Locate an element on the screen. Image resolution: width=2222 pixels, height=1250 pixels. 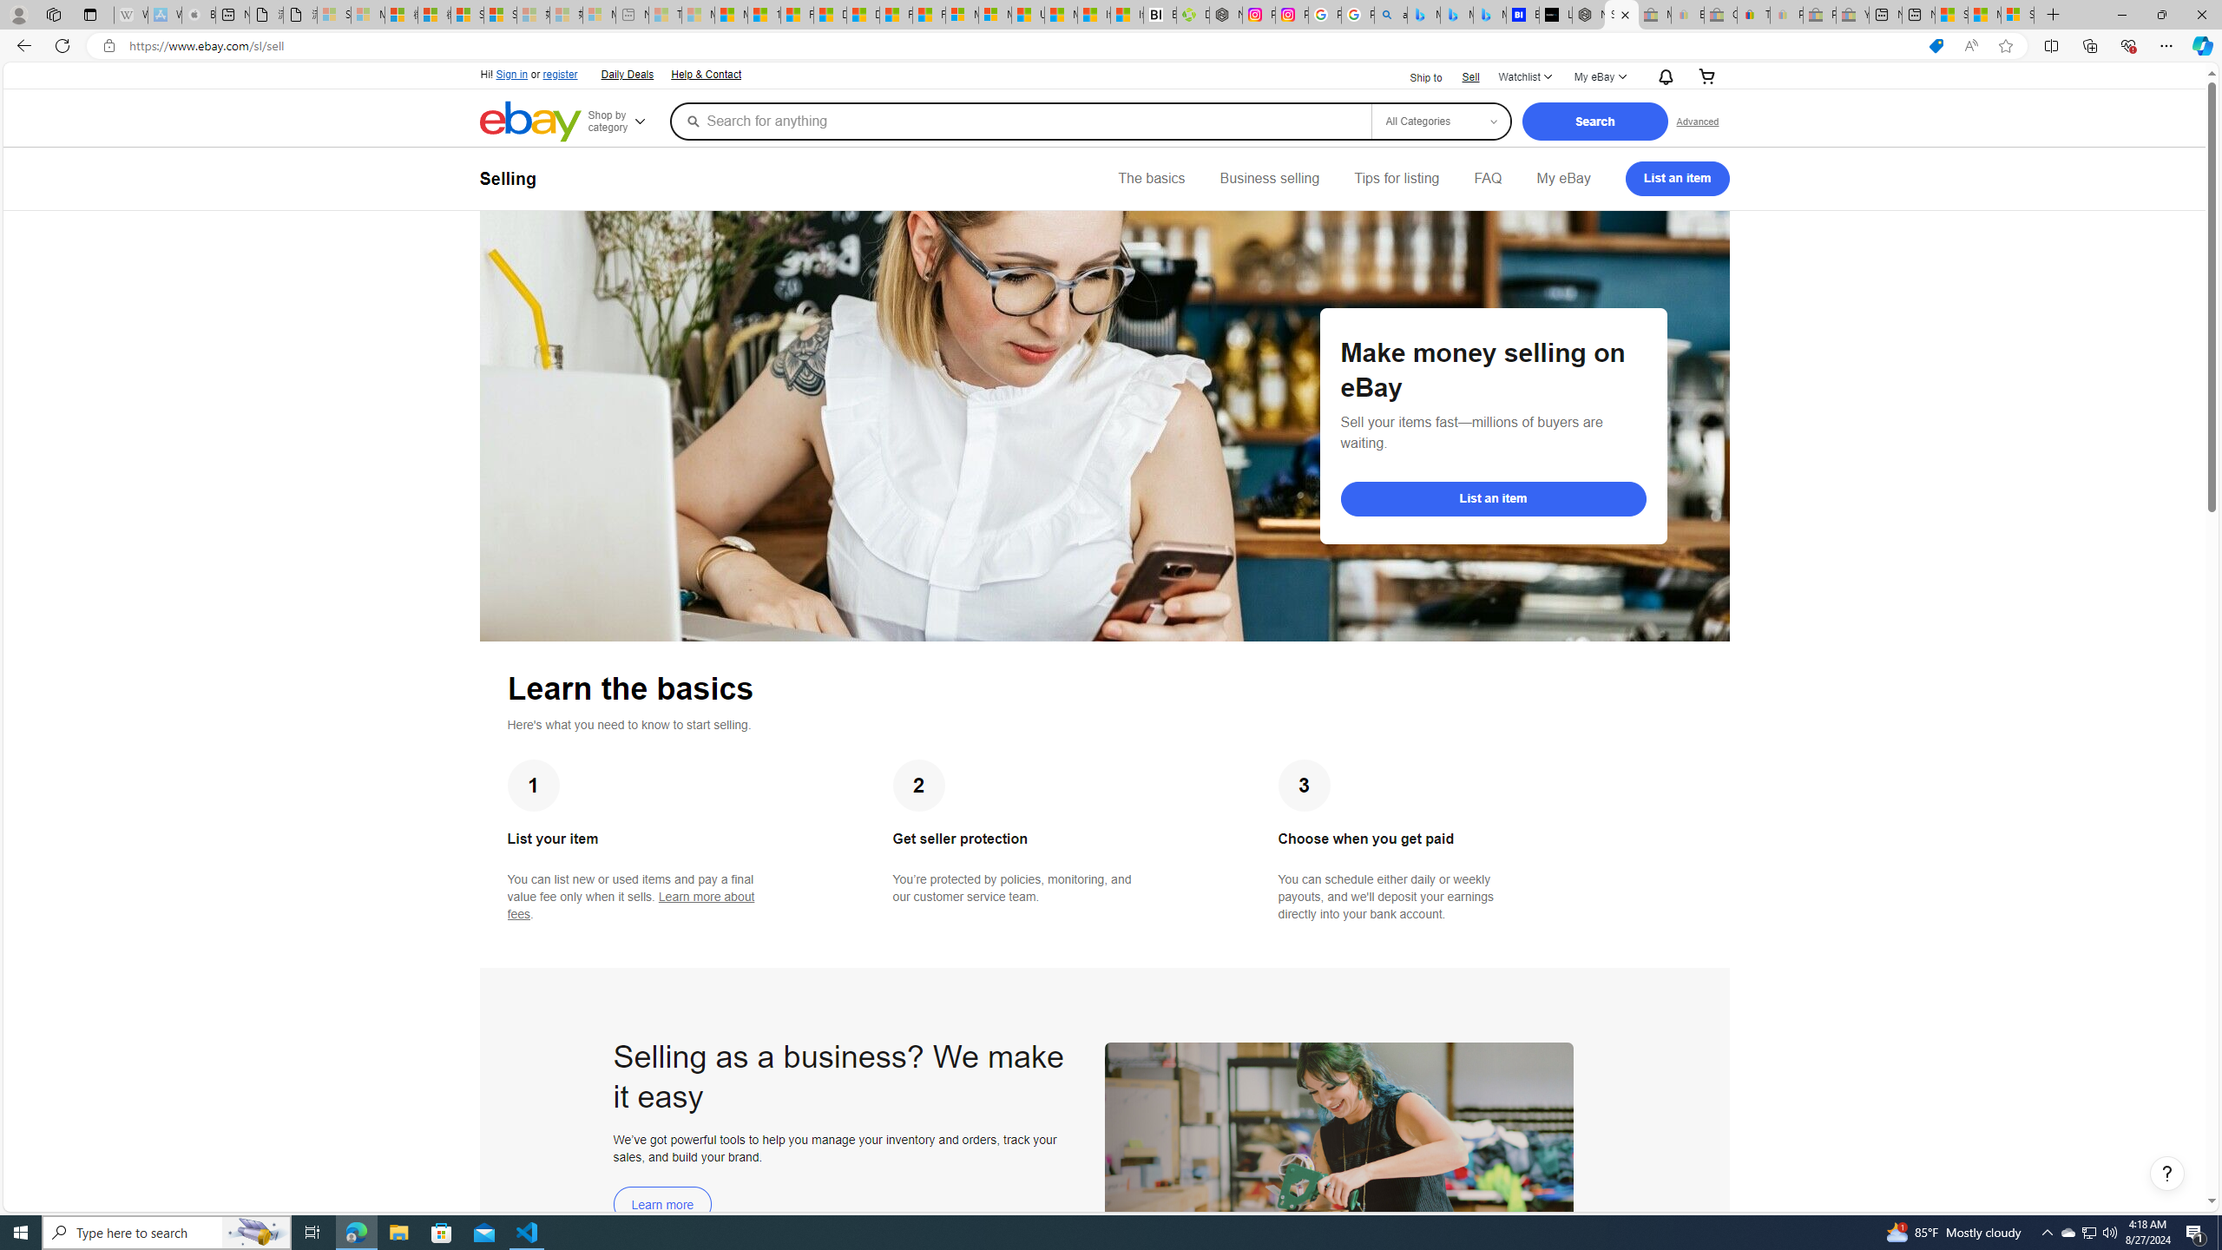
'The basics' is located at coordinates (1151, 177).